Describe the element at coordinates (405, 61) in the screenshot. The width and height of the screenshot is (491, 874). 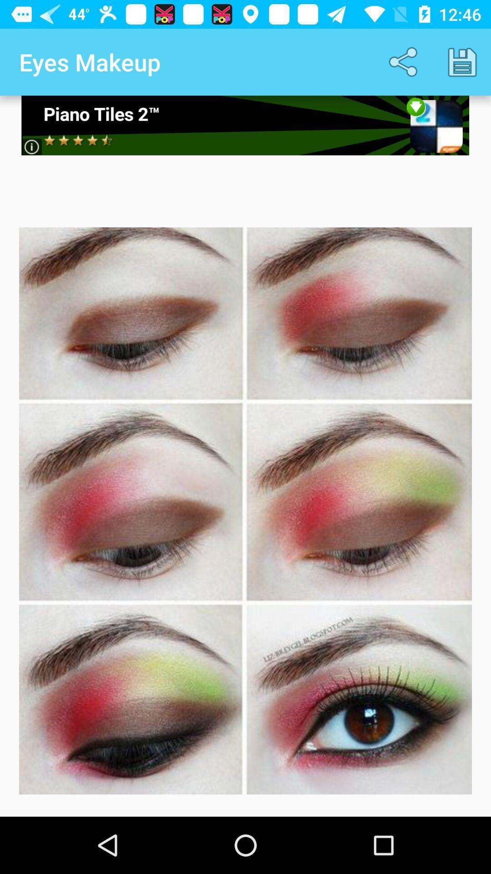
I see `app next to eyes makeup item` at that location.